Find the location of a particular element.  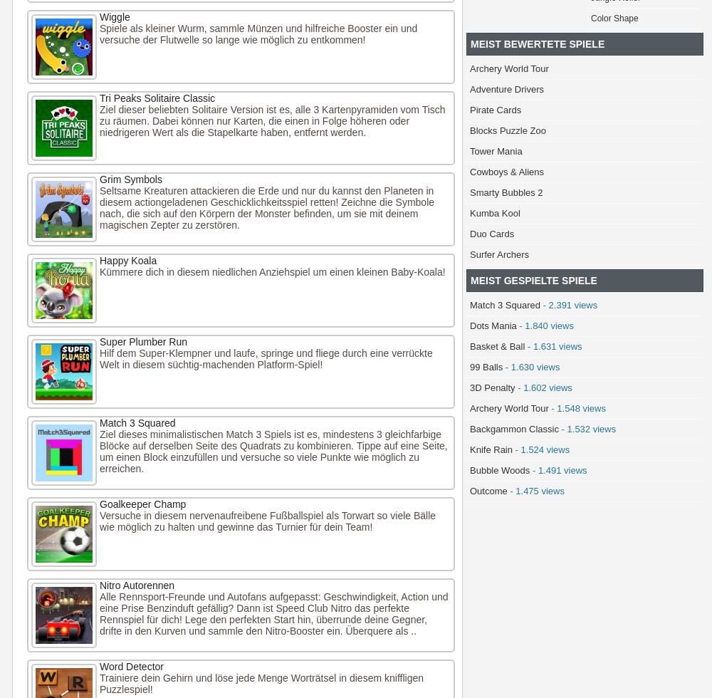

'Word Detector' is located at coordinates (132, 666).